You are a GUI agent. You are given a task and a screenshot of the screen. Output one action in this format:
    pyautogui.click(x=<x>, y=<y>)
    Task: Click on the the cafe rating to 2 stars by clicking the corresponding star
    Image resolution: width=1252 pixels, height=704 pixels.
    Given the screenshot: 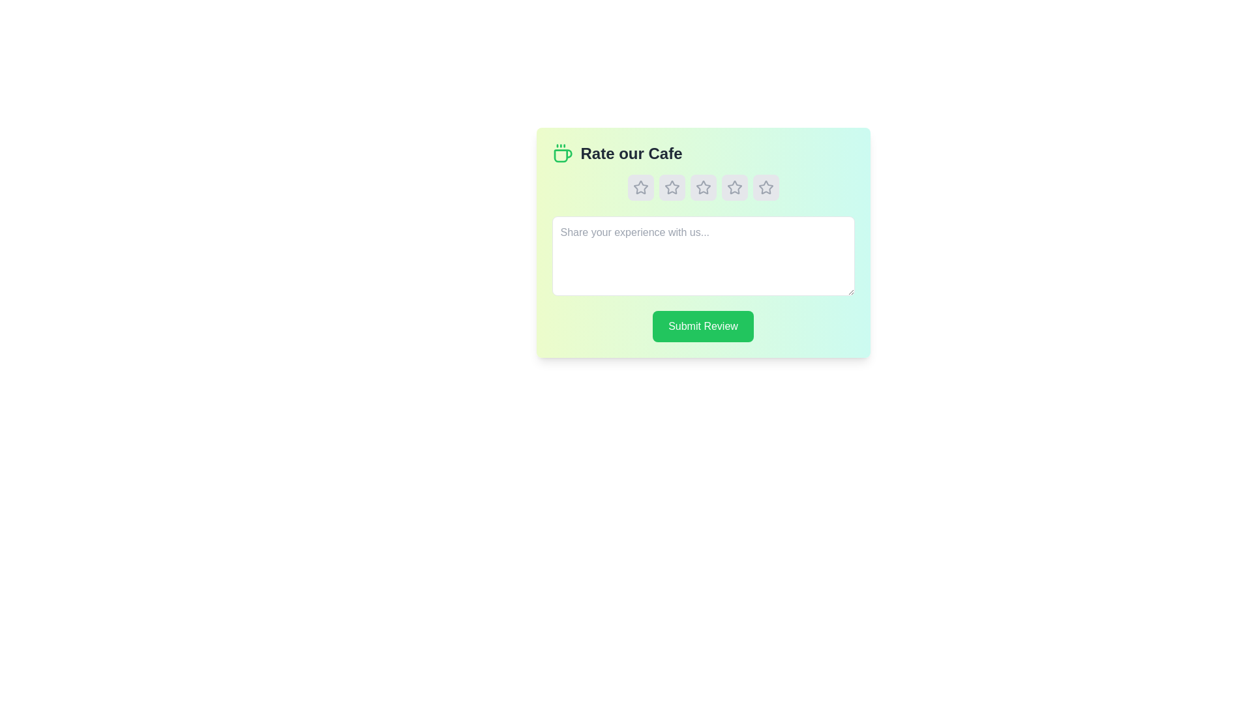 What is the action you would take?
    pyautogui.click(x=672, y=188)
    